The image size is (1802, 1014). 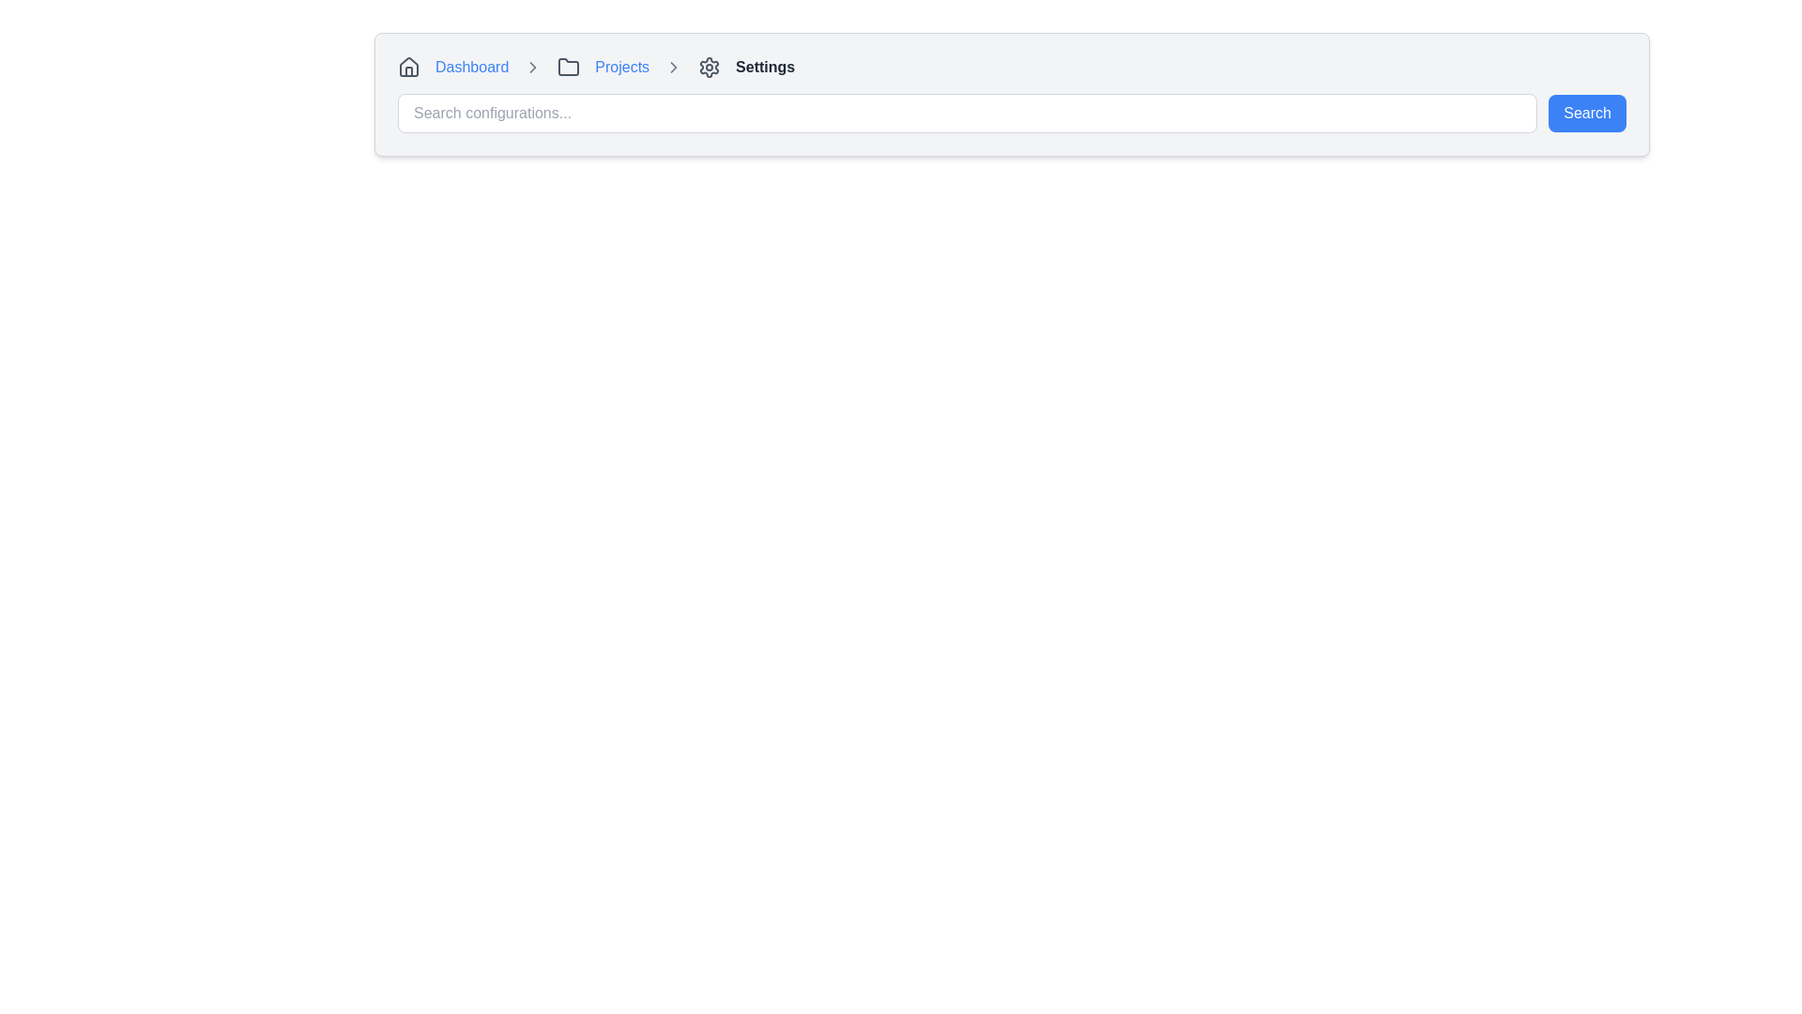 What do you see at coordinates (568, 67) in the screenshot?
I see `the folder icon, which is a simplistic gray folder shape located at the top of the interface, positioned between a right-pointing chevron icon and the text label 'Projects'` at bounding box center [568, 67].